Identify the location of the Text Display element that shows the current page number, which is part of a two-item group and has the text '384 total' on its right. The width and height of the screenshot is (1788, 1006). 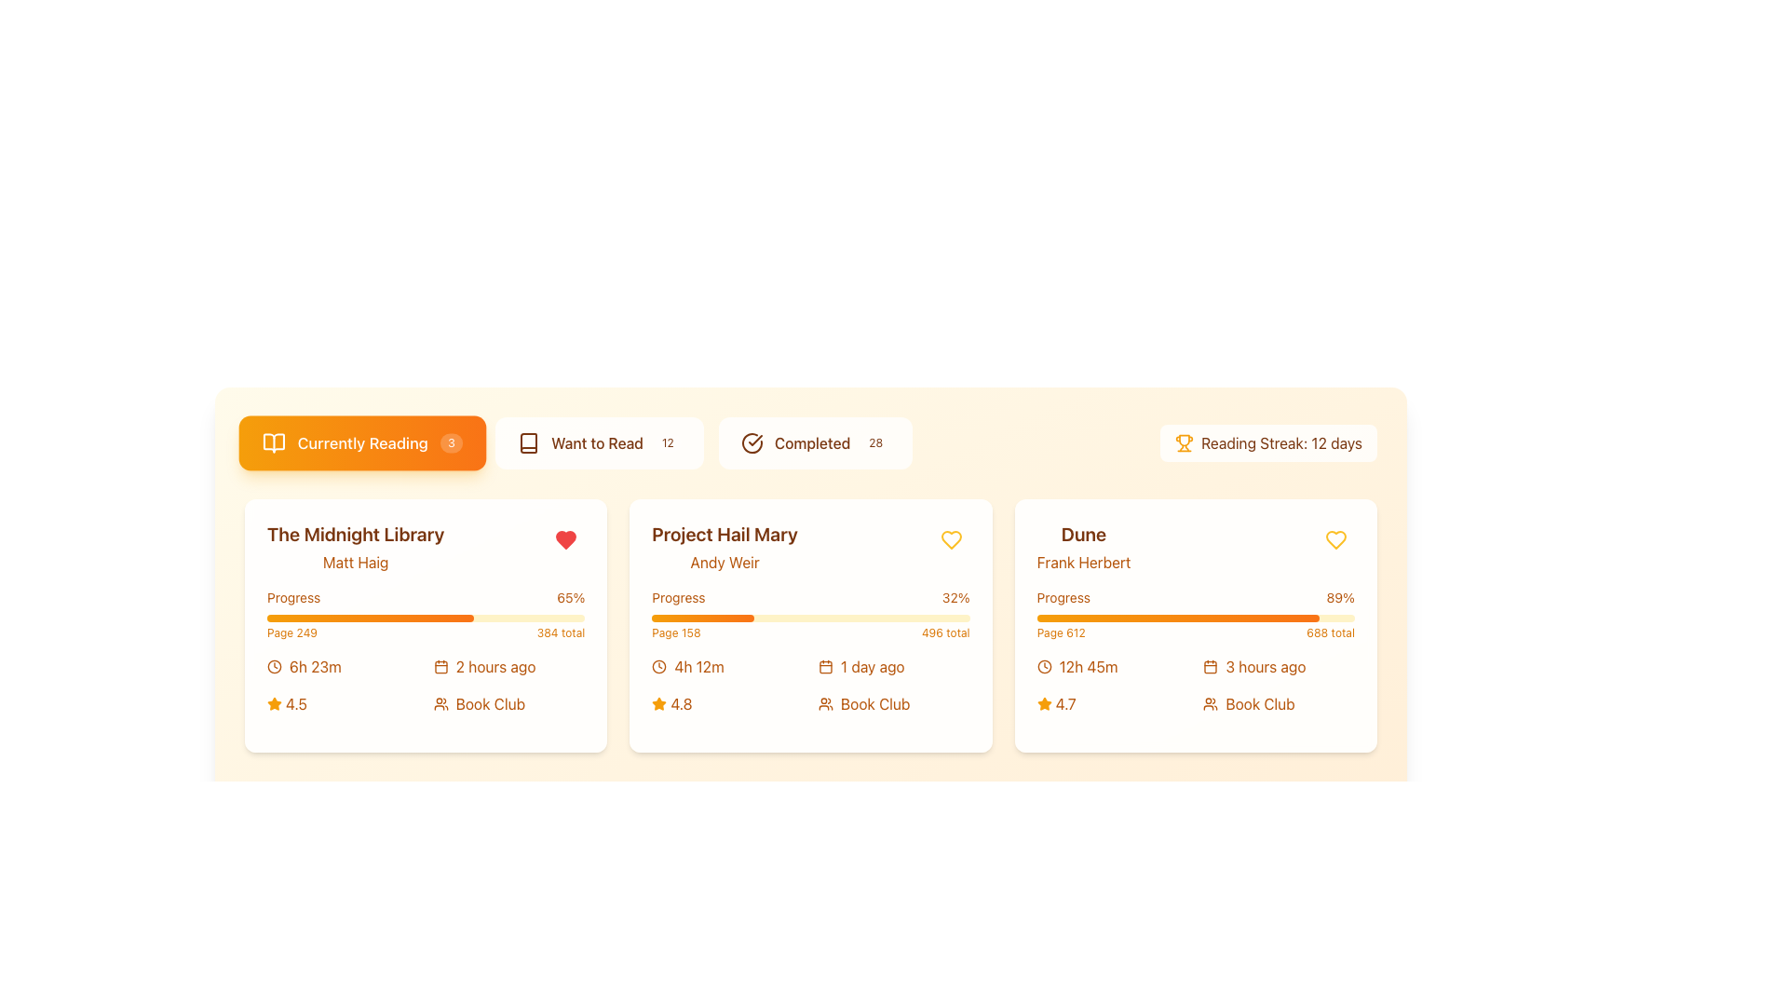
(291, 632).